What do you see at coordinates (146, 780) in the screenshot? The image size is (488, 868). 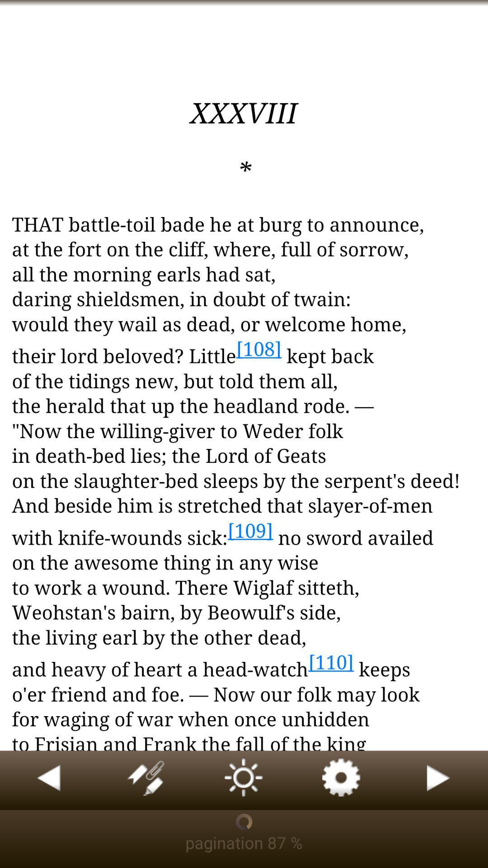 I see `place option` at bounding box center [146, 780].